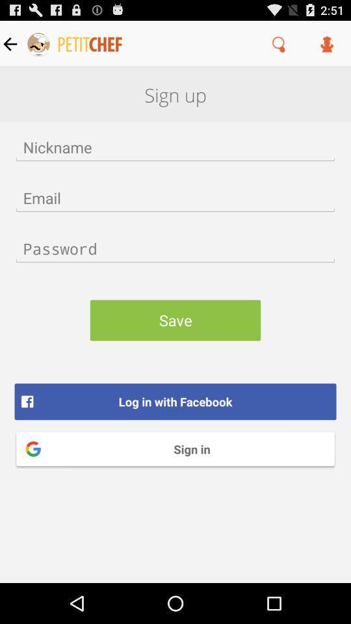  What do you see at coordinates (278, 44) in the screenshot?
I see `the icon above sign up item` at bounding box center [278, 44].